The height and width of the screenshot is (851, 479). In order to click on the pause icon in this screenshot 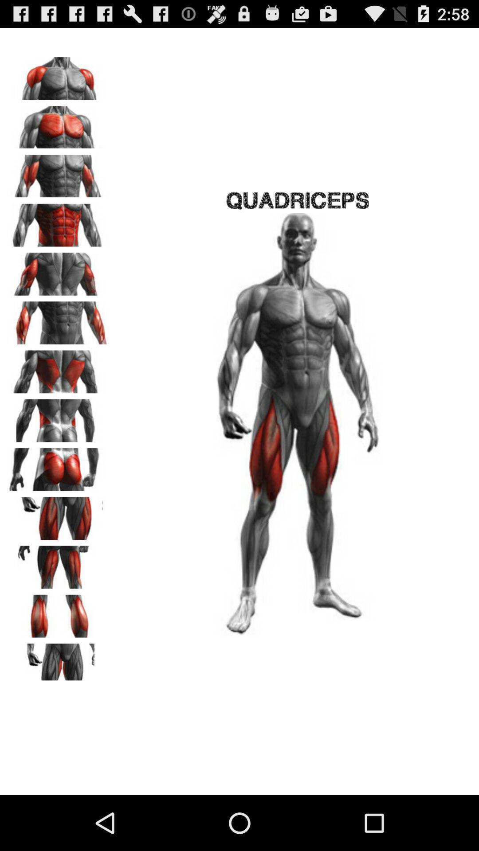, I will do `click(58, 499)`.